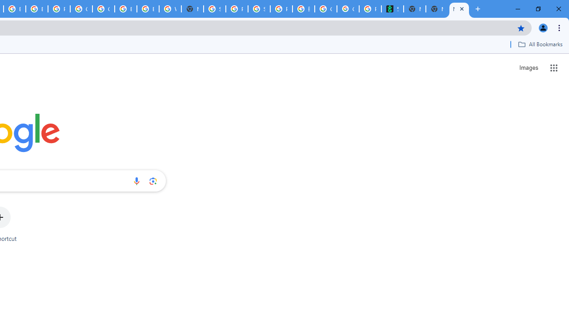 The width and height of the screenshot is (569, 320). Describe the element at coordinates (125, 9) in the screenshot. I see `'Browse Chrome as a guest - Computer - Google Chrome Help'` at that location.